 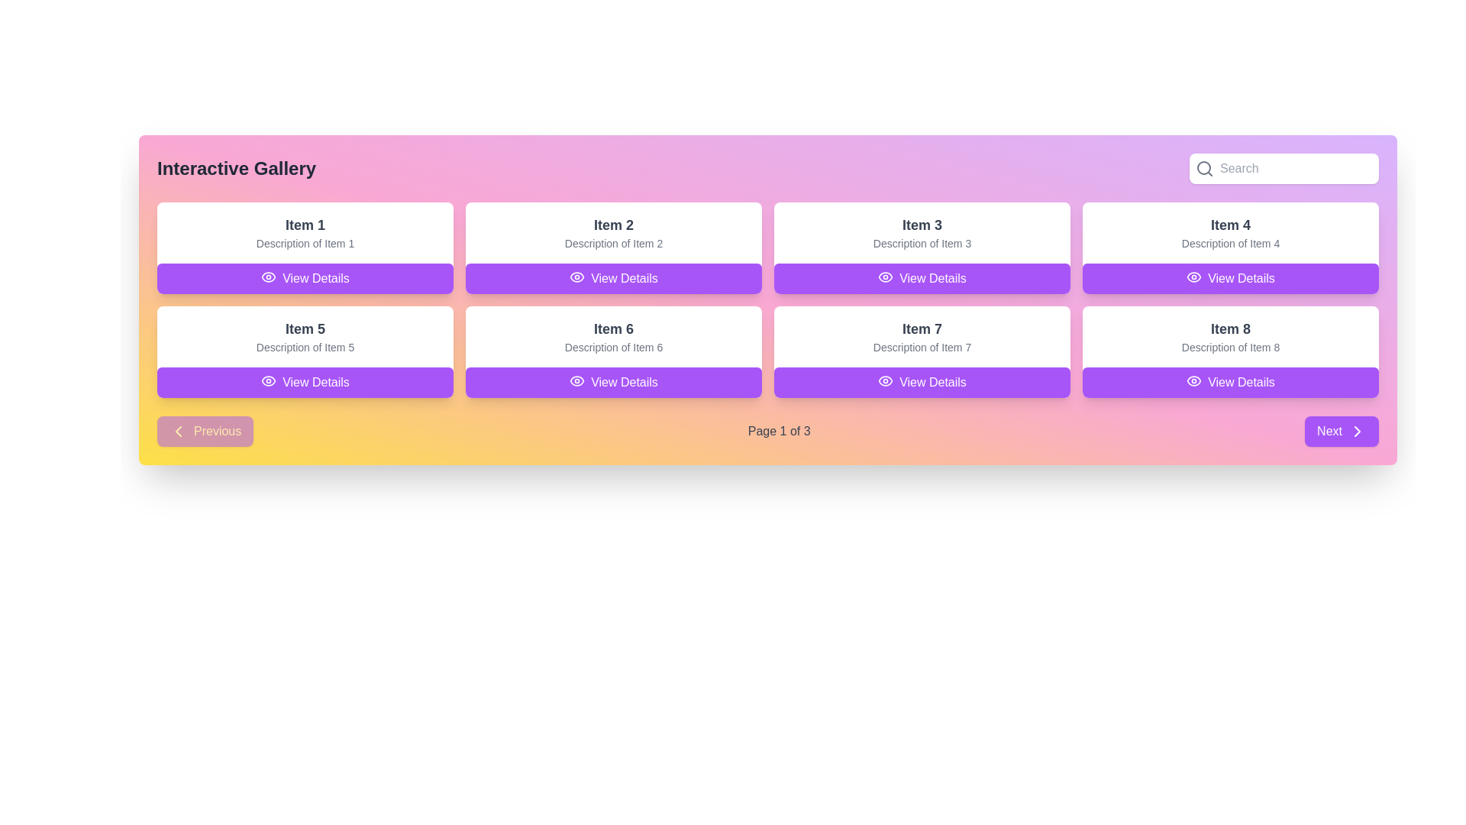 I want to click on the static text label that serves as the header for the third card in the first row of the grid layout, so click(x=922, y=225).